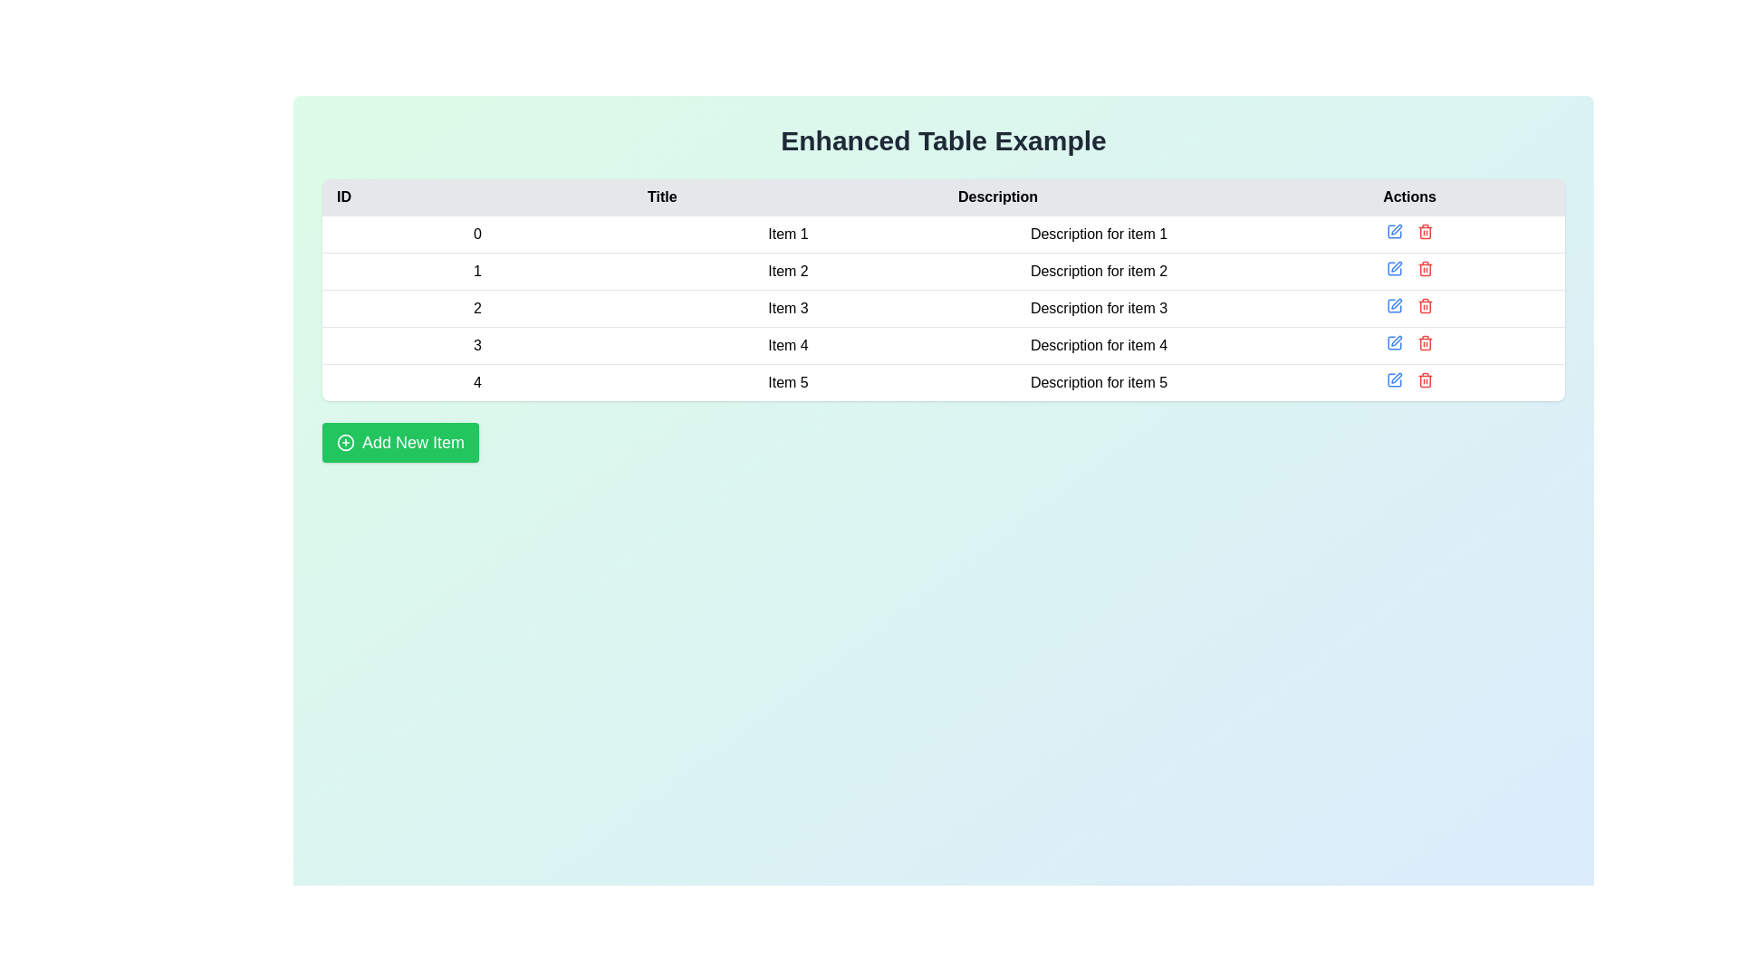  What do you see at coordinates (1393, 379) in the screenshot?
I see `the small blue pencil-shaped icon that indicates an edit action, located in the 'Actions' column for the row related to 'Item 5'` at bounding box center [1393, 379].